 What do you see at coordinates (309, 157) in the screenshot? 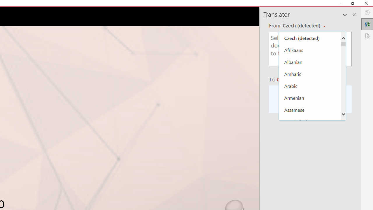
I see `'Basque'` at bounding box center [309, 157].